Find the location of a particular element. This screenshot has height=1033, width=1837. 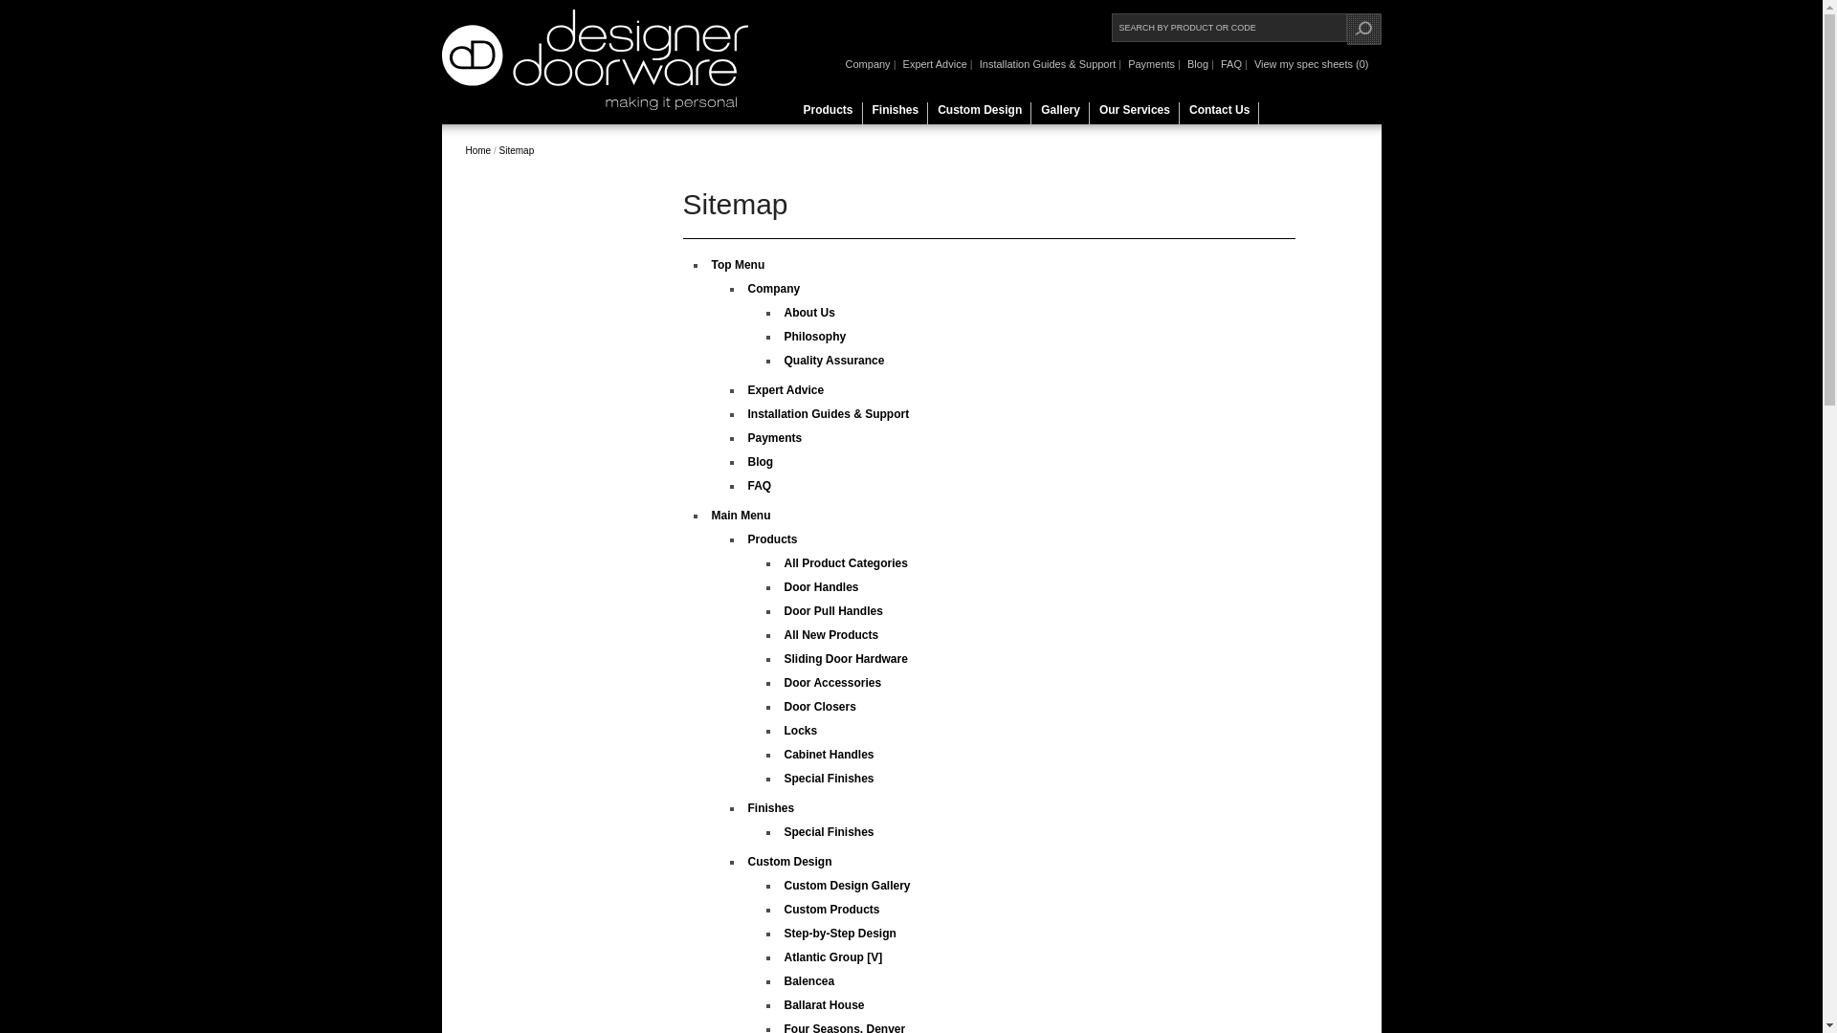

'Installation Guides & Support' is located at coordinates (1046, 62).